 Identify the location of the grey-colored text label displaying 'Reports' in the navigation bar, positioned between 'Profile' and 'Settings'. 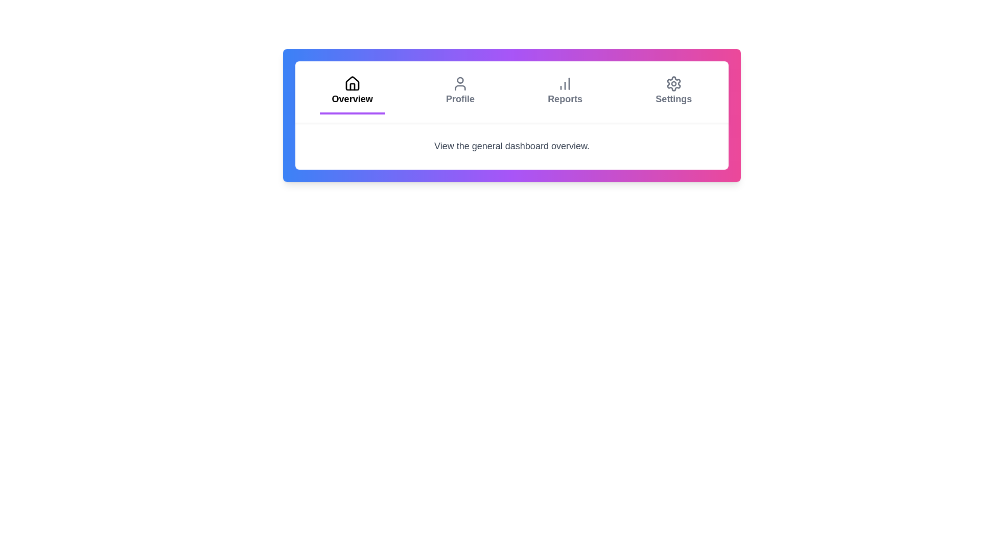
(565, 99).